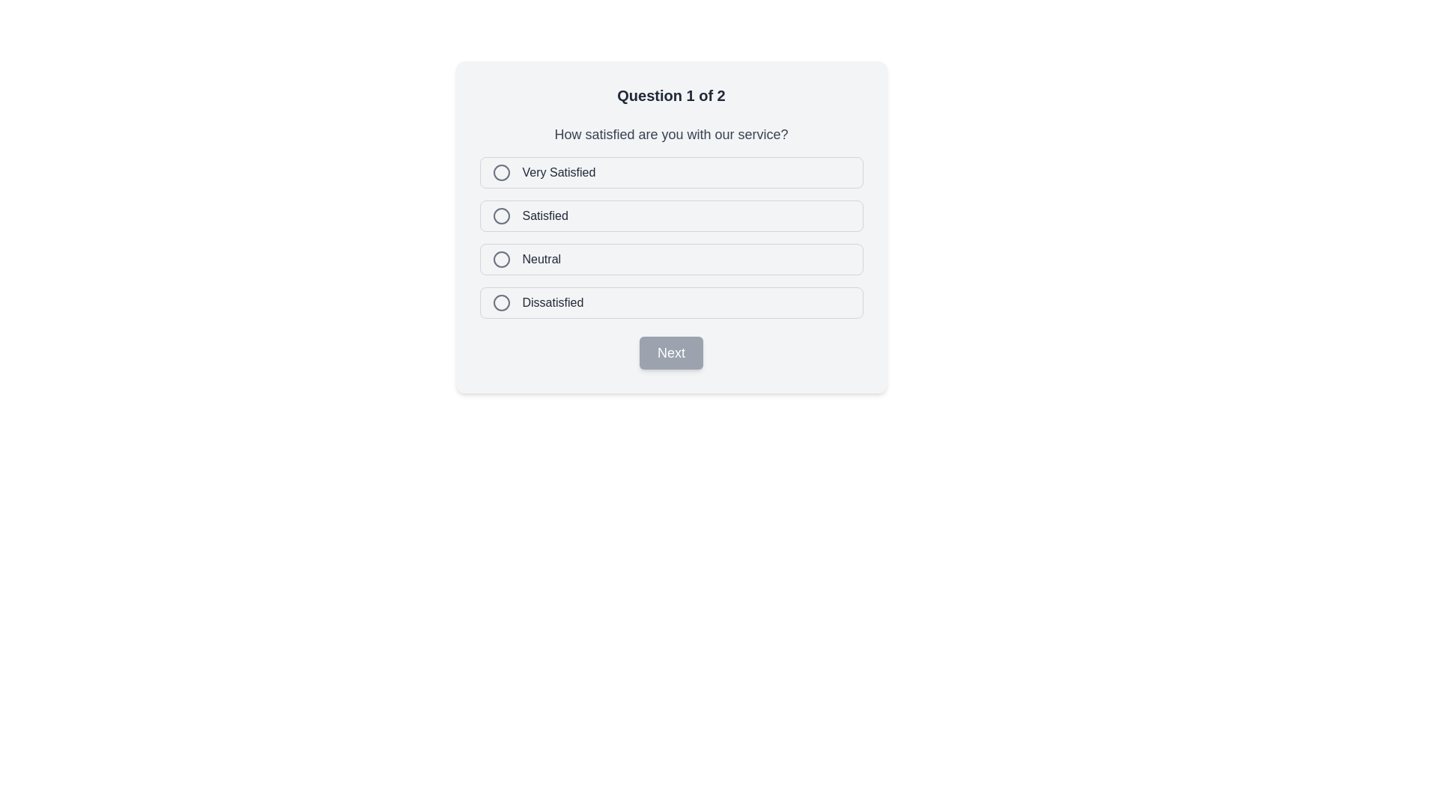  What do you see at coordinates (501, 259) in the screenshot?
I see `the 'Neutral' radio button which is the third item in a vertical list of options` at bounding box center [501, 259].